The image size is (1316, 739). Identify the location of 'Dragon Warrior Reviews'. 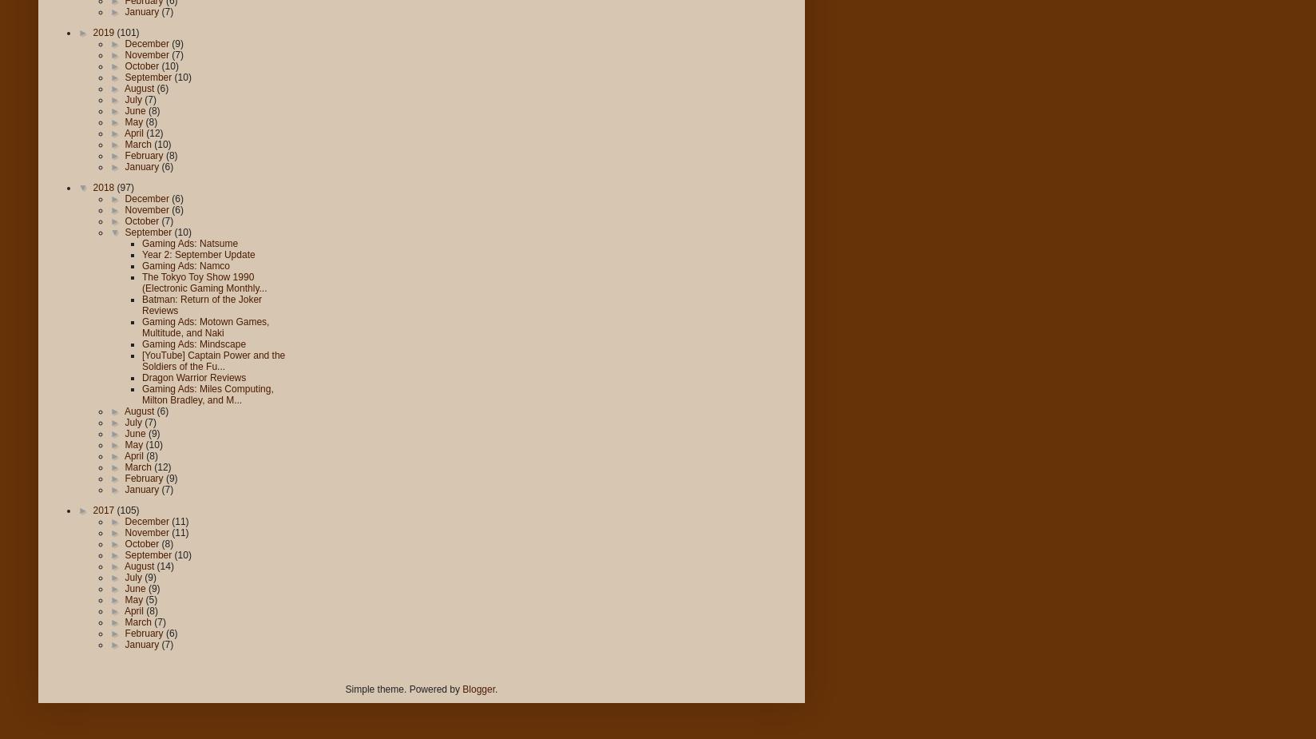
(193, 378).